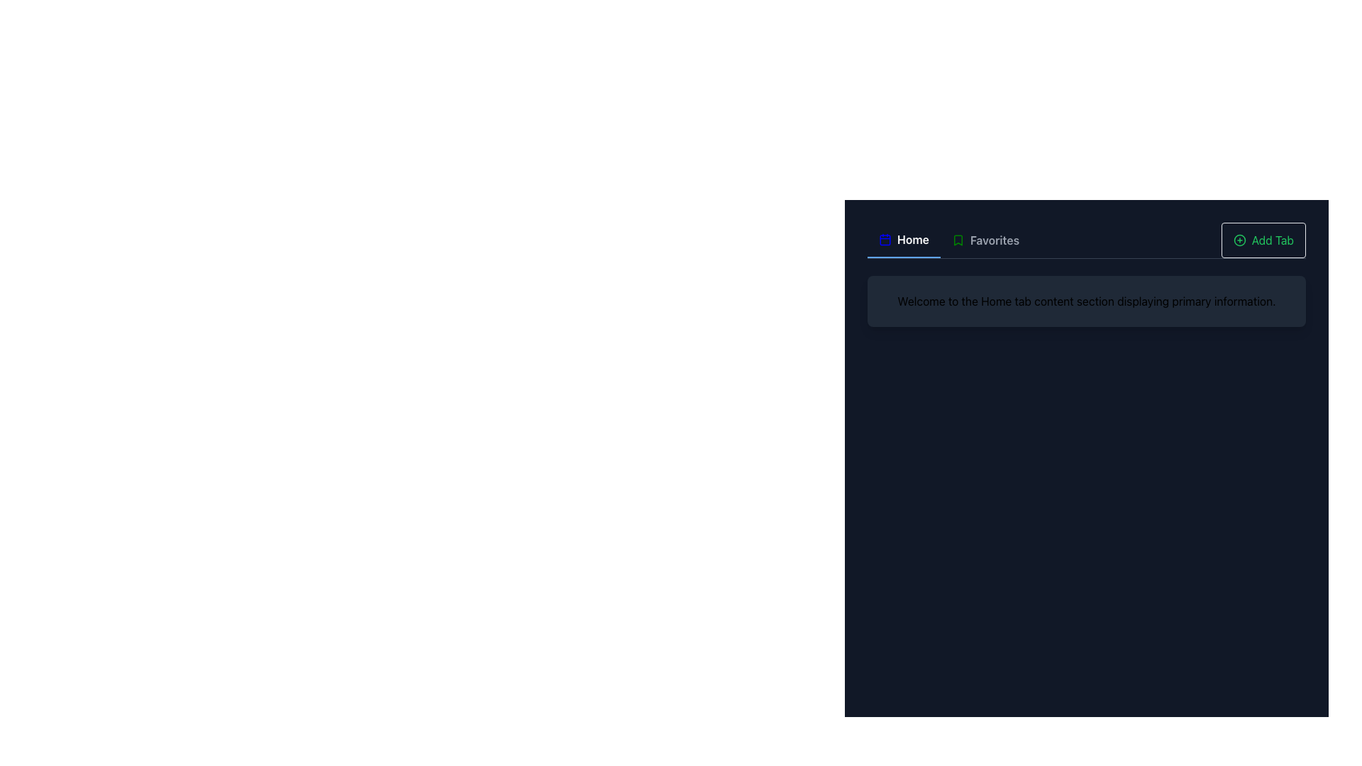 The image size is (1362, 766). Describe the element at coordinates (958, 240) in the screenshot. I see `the green bookmark icon located to the left of the text 'Favorites' in the application's top navigation bar` at that location.